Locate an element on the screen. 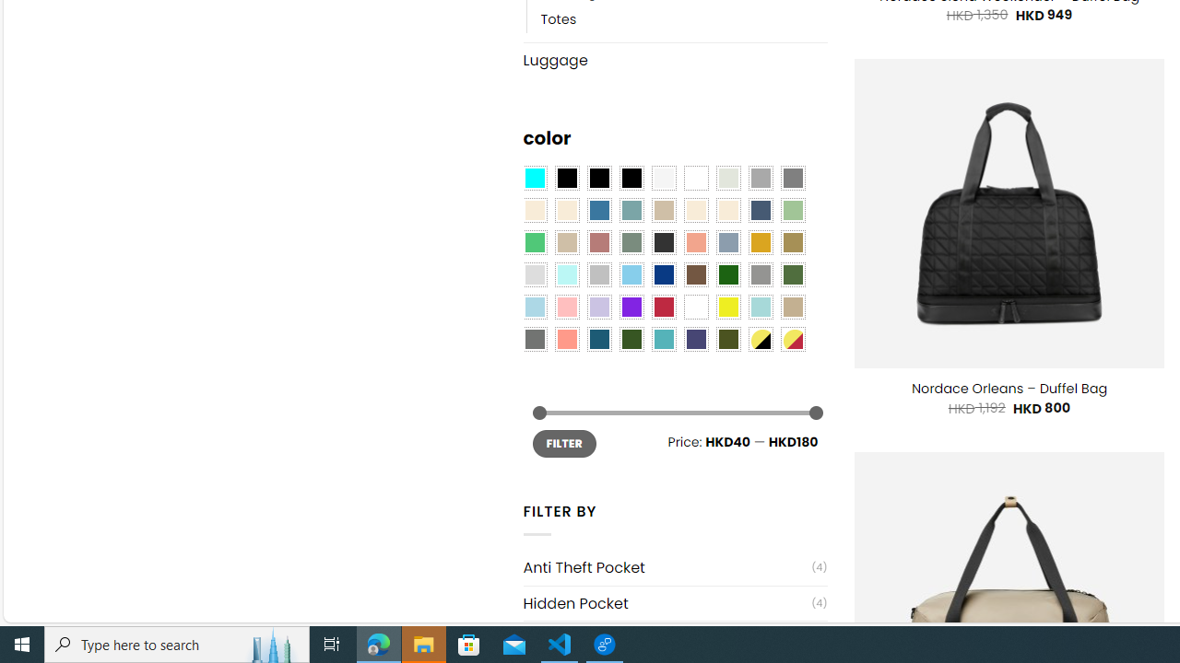 The width and height of the screenshot is (1180, 663). 'Blue' is located at coordinates (599, 209).